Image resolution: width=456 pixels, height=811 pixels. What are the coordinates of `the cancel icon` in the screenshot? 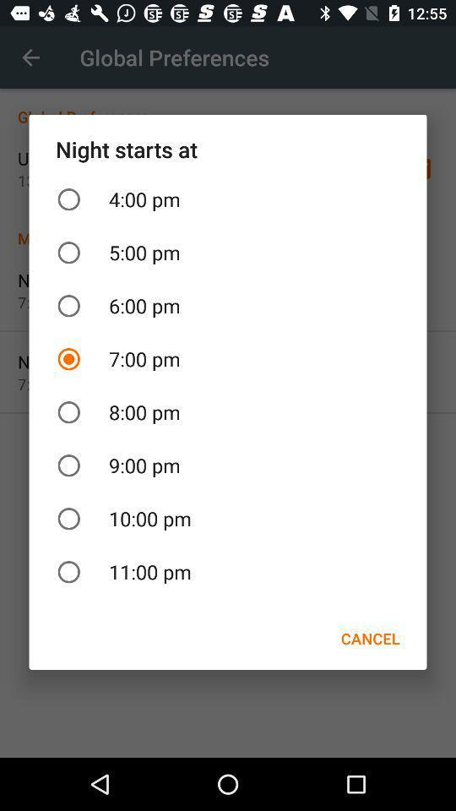 It's located at (369, 638).